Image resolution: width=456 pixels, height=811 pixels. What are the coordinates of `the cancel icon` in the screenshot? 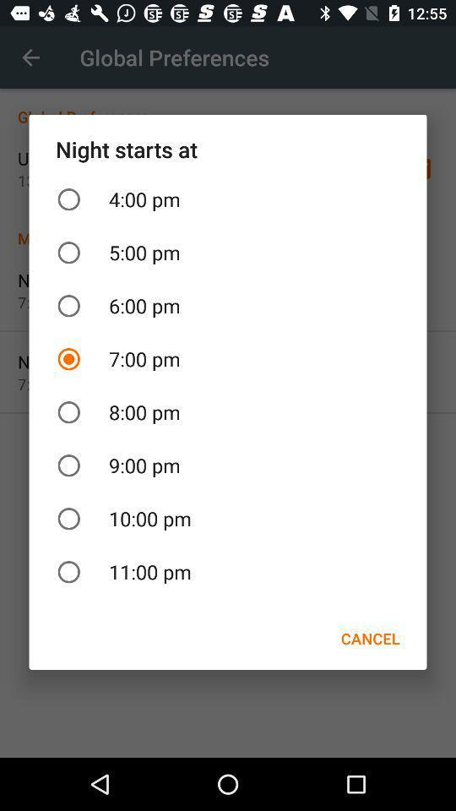 It's located at (369, 638).